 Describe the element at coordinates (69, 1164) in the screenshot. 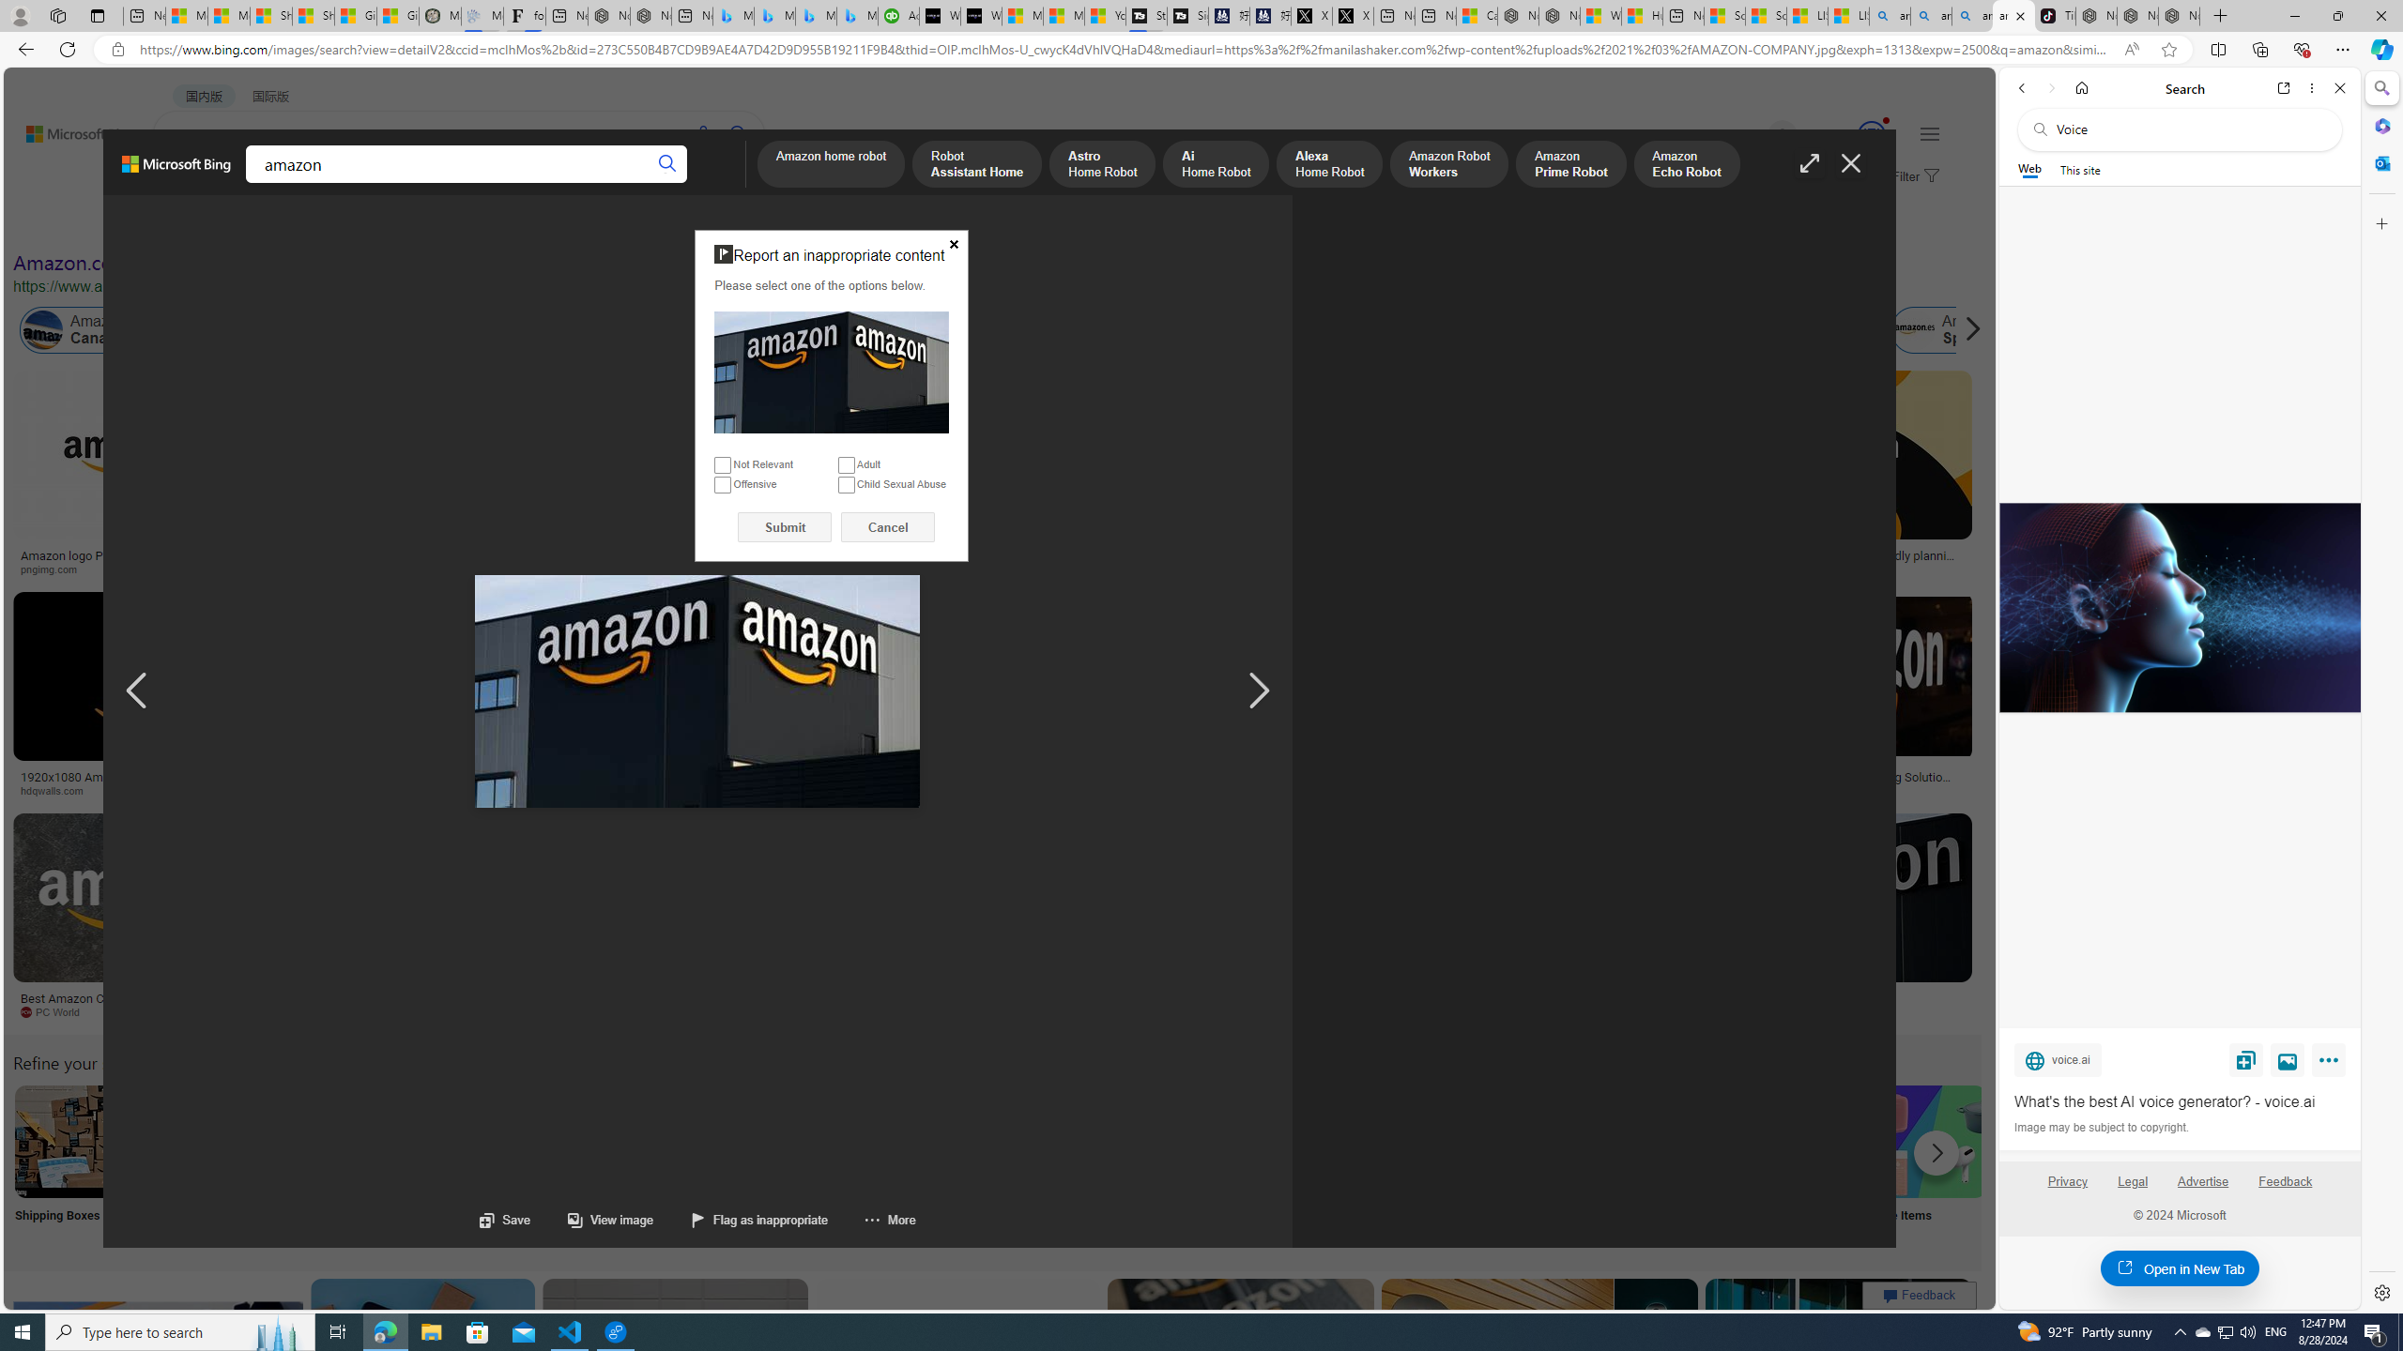

I see `'Amazon Shipping Boxes Shipping Boxes'` at that location.